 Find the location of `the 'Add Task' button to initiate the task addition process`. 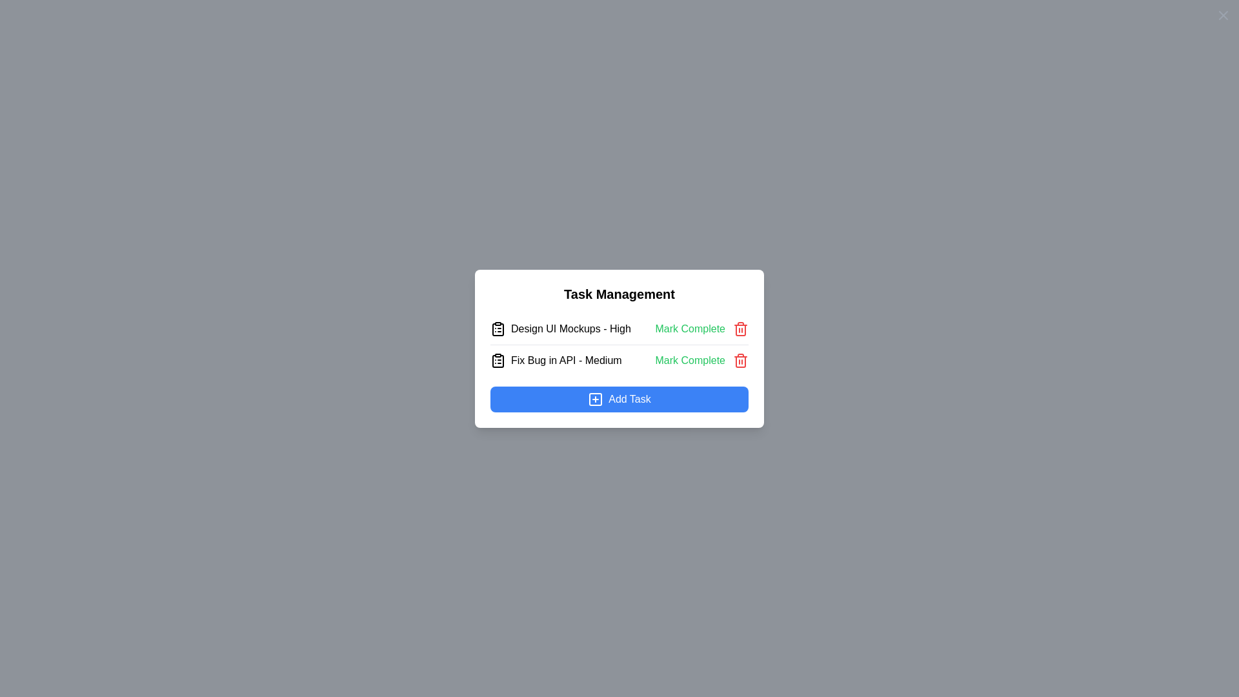

the 'Add Task' button to initiate the task addition process is located at coordinates (619, 398).